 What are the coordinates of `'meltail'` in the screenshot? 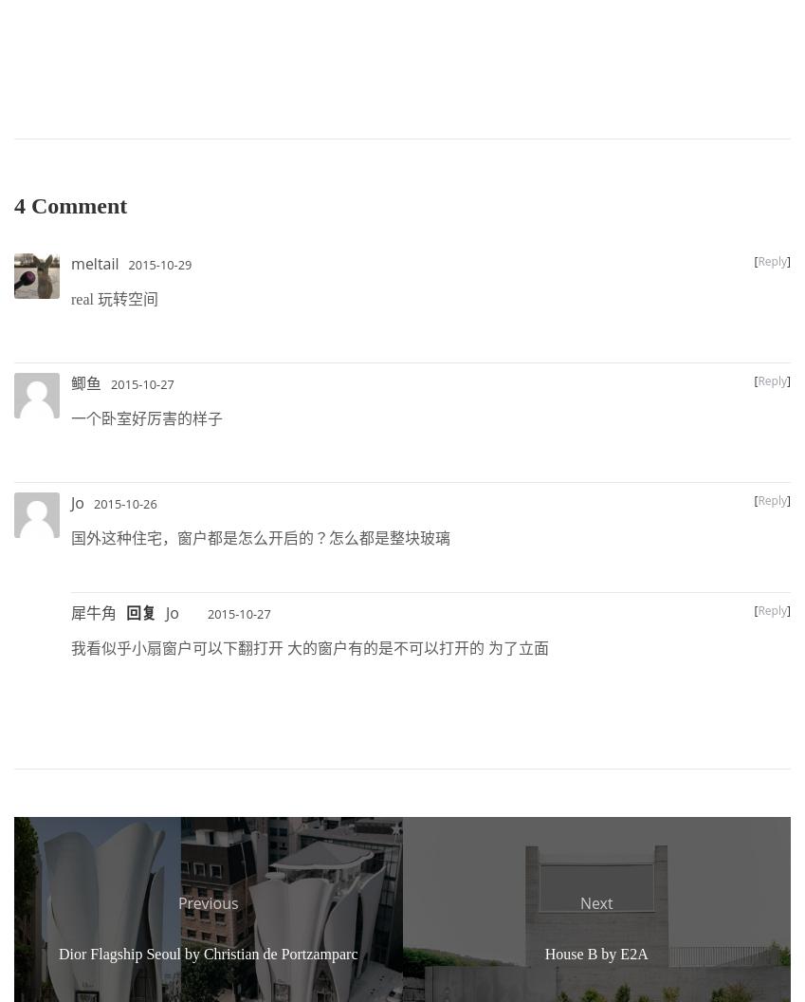 It's located at (94, 264).